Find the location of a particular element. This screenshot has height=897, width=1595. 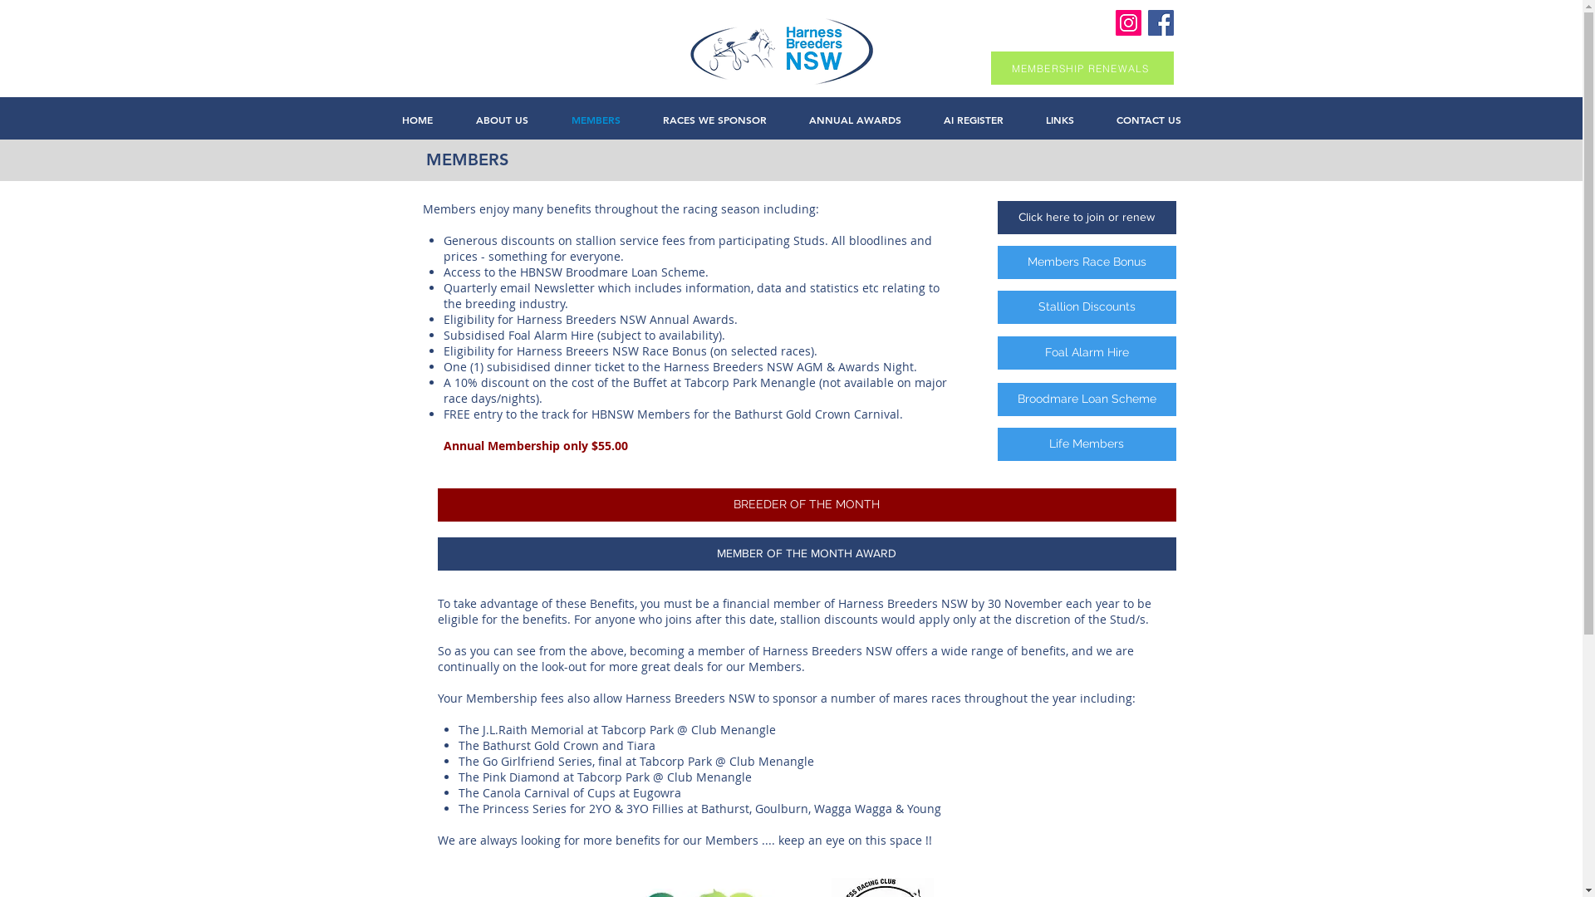

'ANNUAL AWARDS' is located at coordinates (854, 119).